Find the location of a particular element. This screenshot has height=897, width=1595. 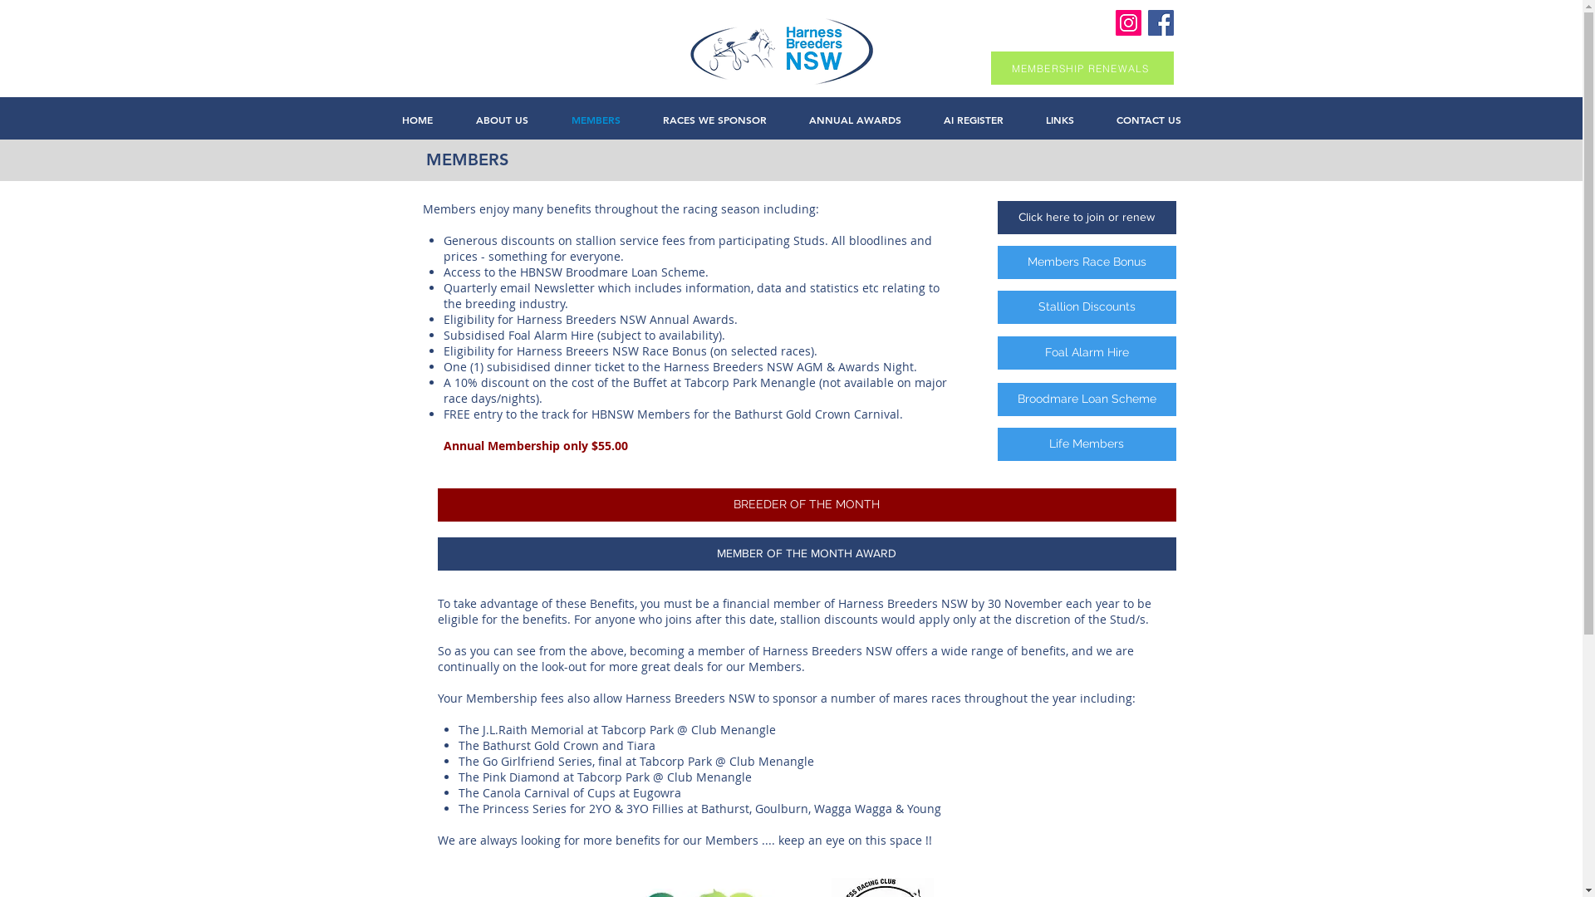

'ANNUAL AWARDS' is located at coordinates (854, 119).